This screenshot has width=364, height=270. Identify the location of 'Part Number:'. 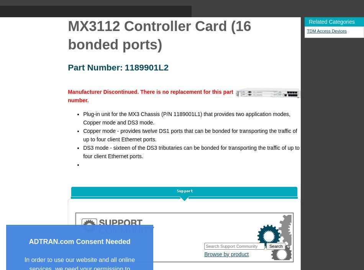
(95, 67).